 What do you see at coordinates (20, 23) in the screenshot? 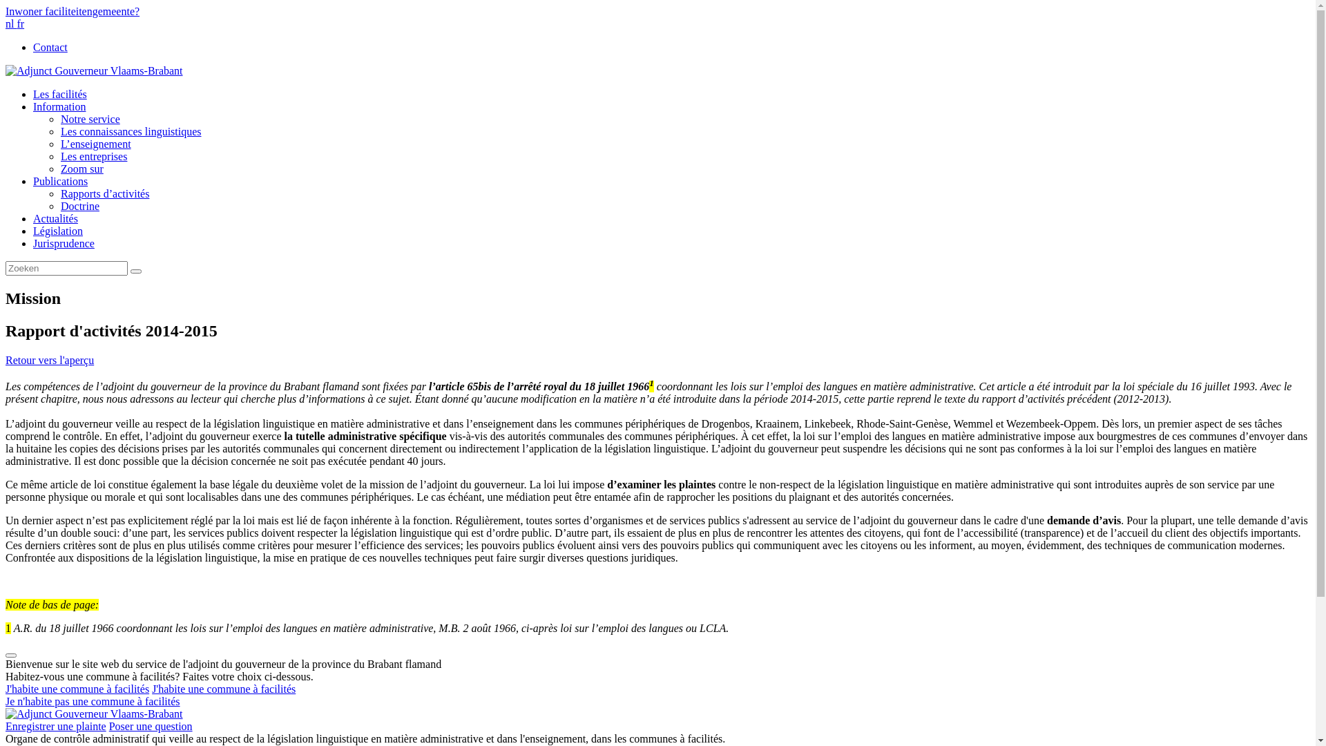
I see `'fr'` at bounding box center [20, 23].